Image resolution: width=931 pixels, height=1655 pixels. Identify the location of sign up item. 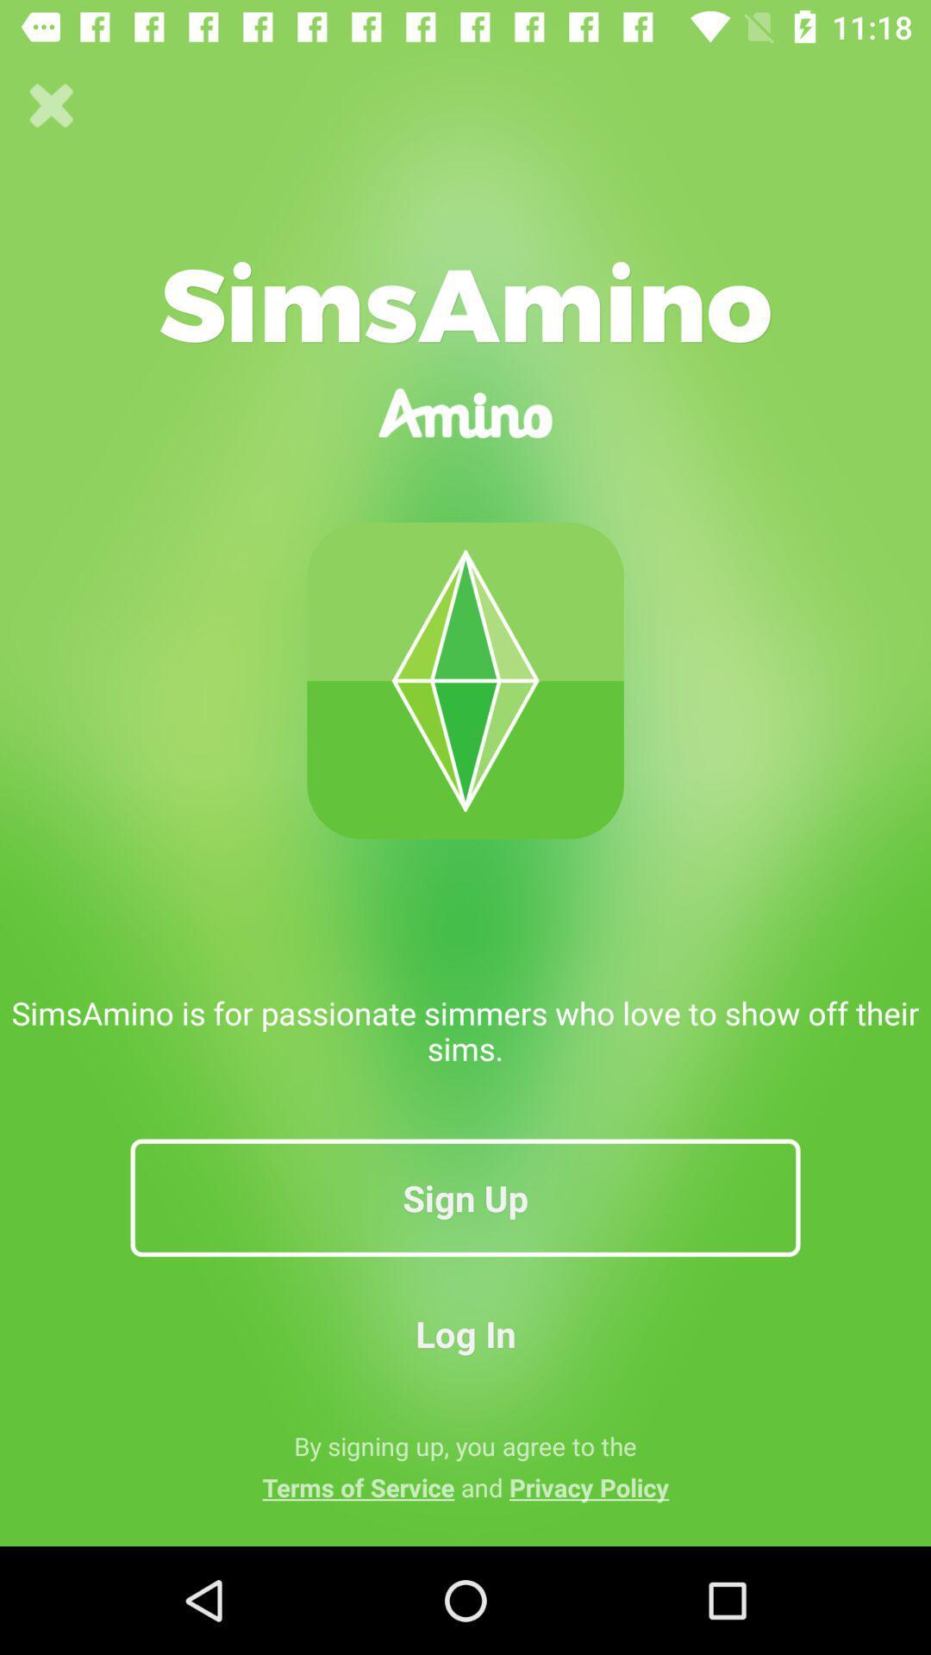
(465, 1196).